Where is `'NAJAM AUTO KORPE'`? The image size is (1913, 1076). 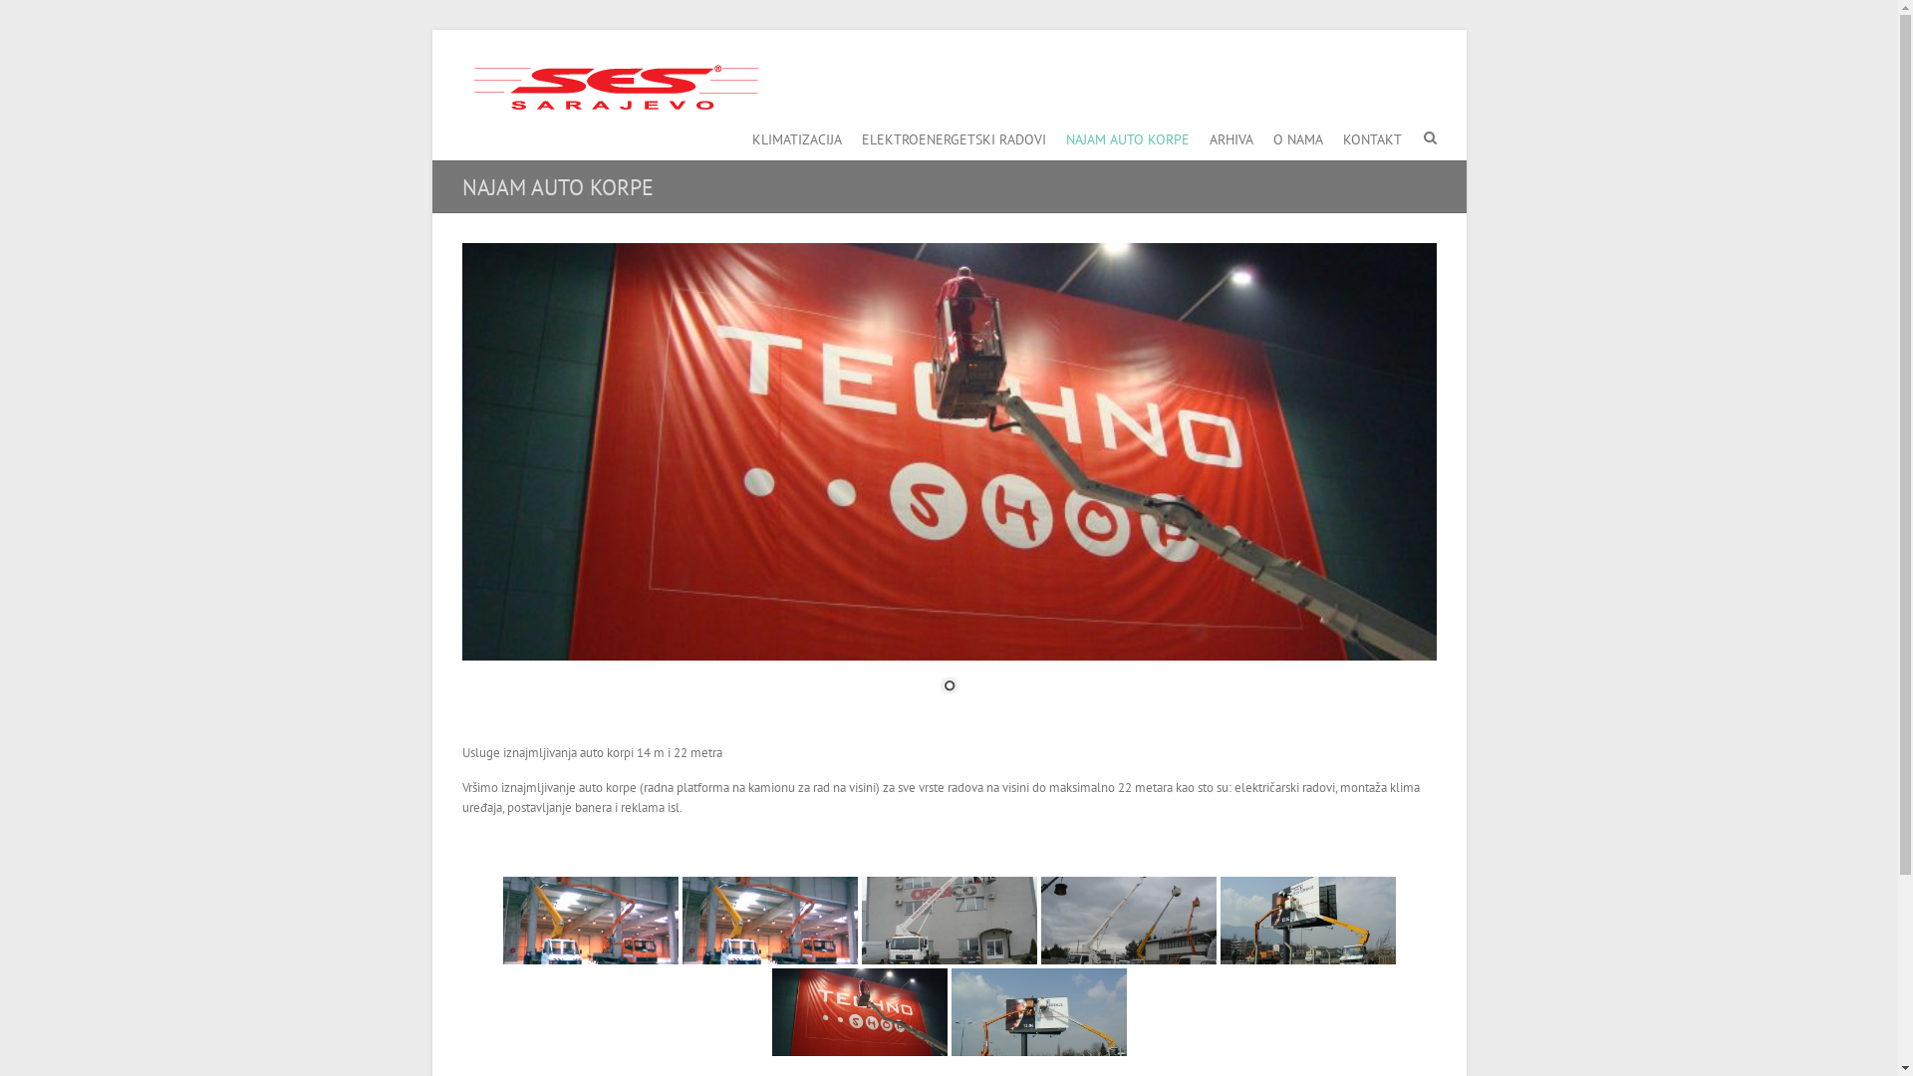
'NAJAM AUTO KORPE' is located at coordinates (1128, 134).